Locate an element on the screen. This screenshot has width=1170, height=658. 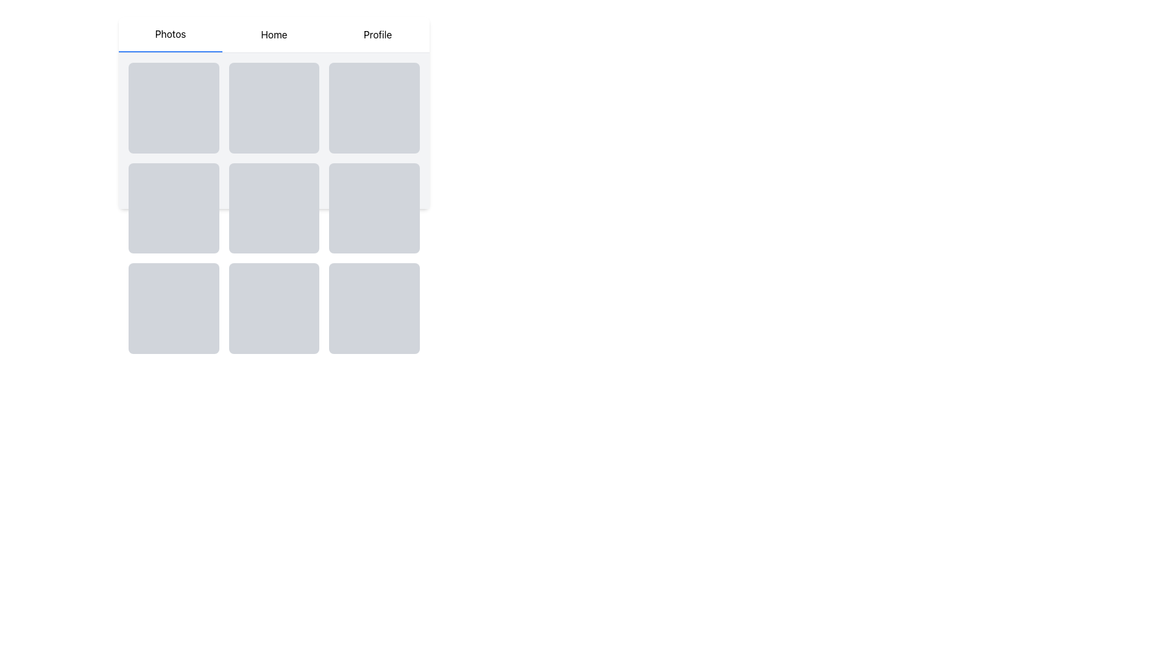
the light gray, rounded-corner placeholder box located in the second row and third column of the grid layout is located at coordinates (374, 208).